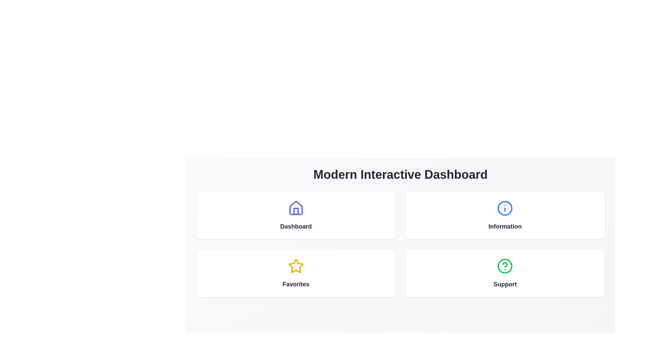 The image size is (646, 363). I want to click on the circular icon with a green outline and a question mark inside, located above the text 'Support' in the bottom-right card among the four grid items, so click(505, 266).